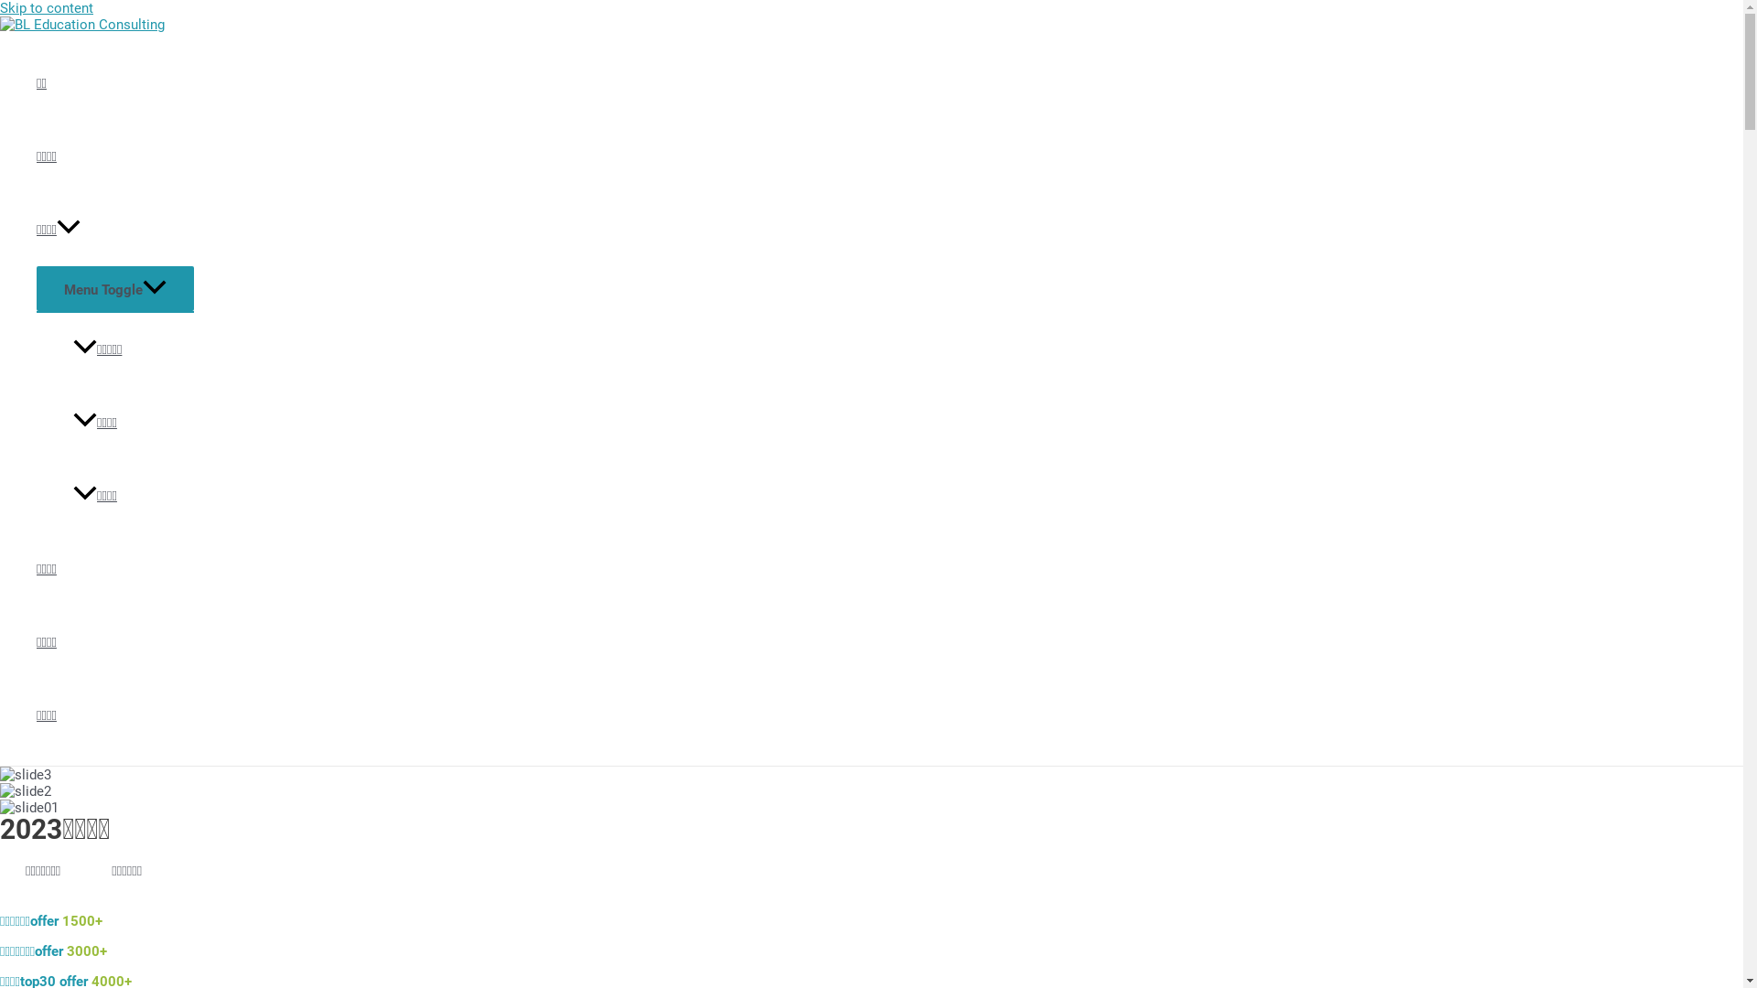 Image resolution: width=1757 pixels, height=988 pixels. I want to click on 'Menu Toggle', so click(113, 288).